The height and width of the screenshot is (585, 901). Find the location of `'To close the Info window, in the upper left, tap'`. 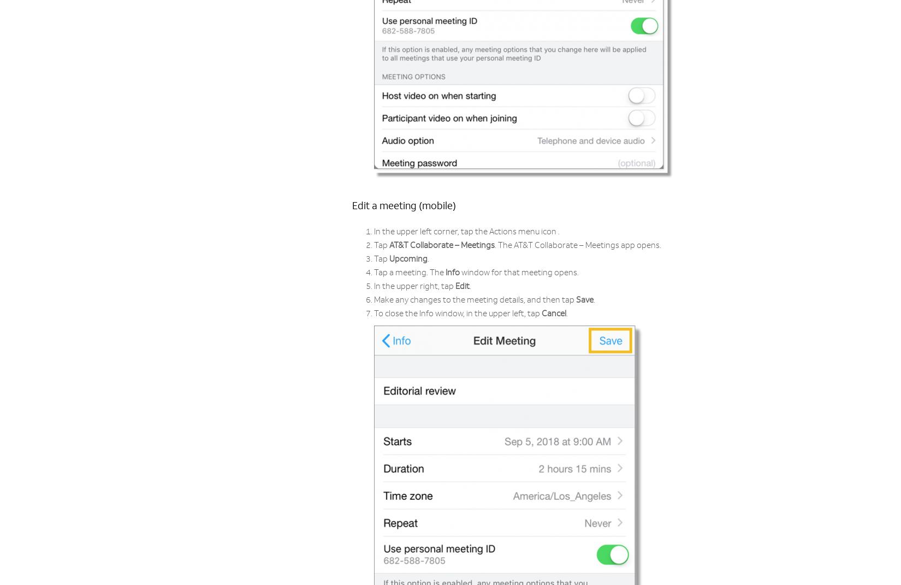

'To close the Info window, in the upper left, tap' is located at coordinates (458, 314).